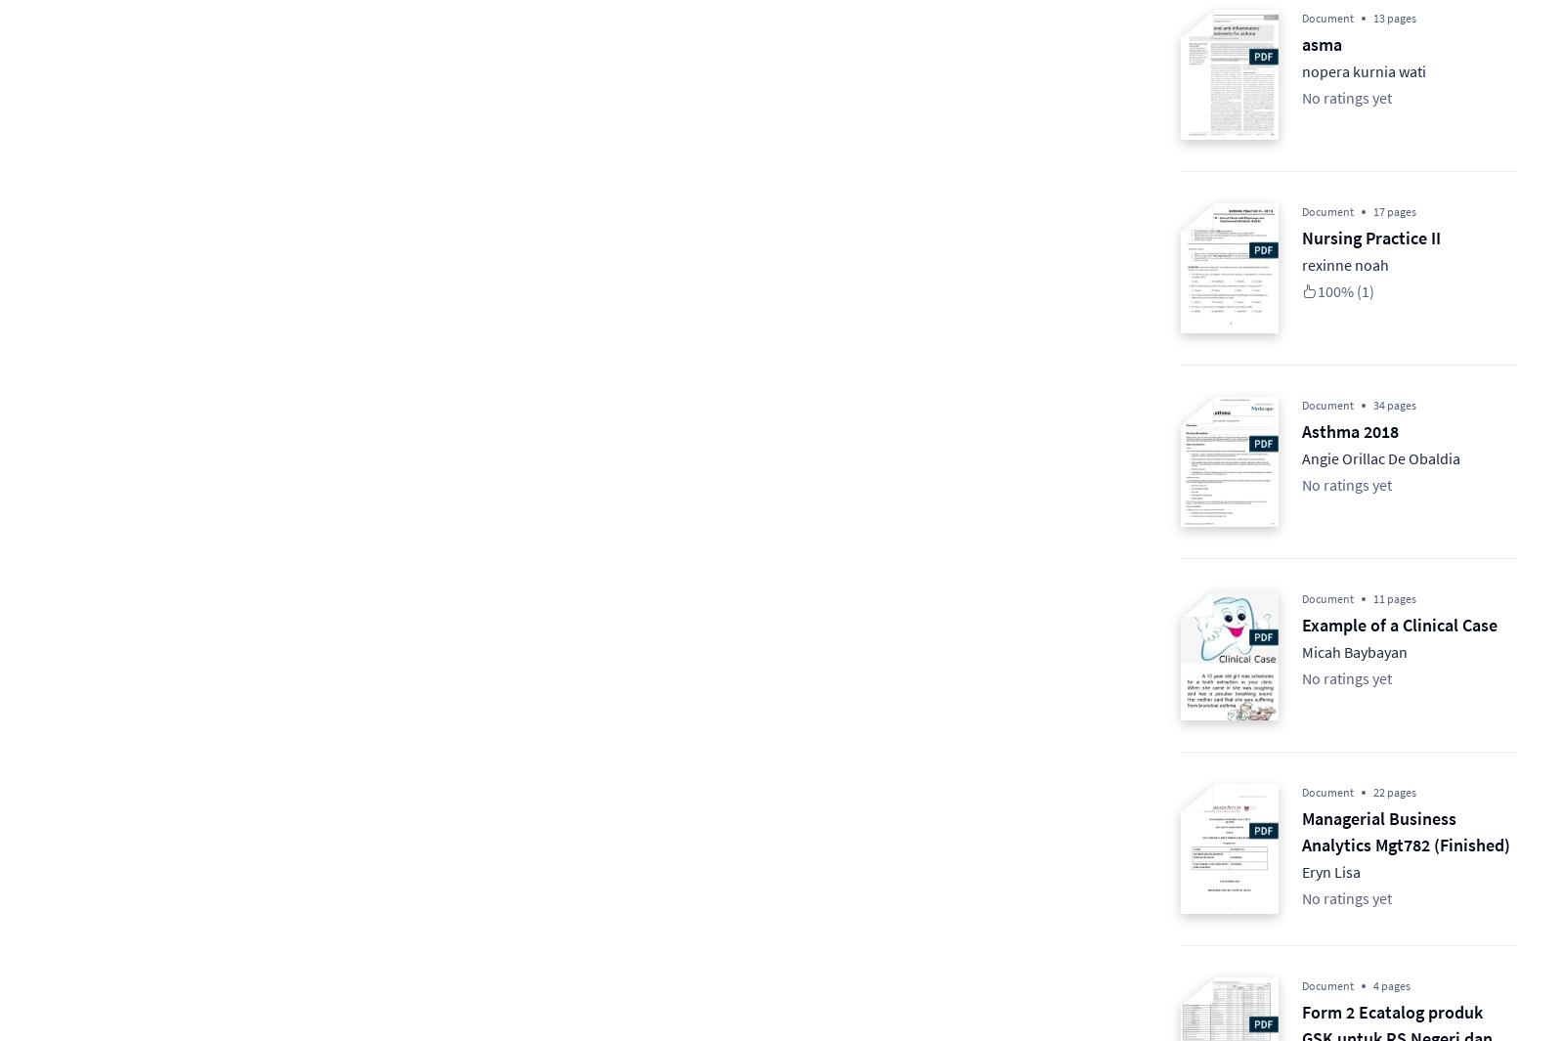  Describe the element at coordinates (1372, 17) in the screenshot. I see `'13 pages'` at that location.